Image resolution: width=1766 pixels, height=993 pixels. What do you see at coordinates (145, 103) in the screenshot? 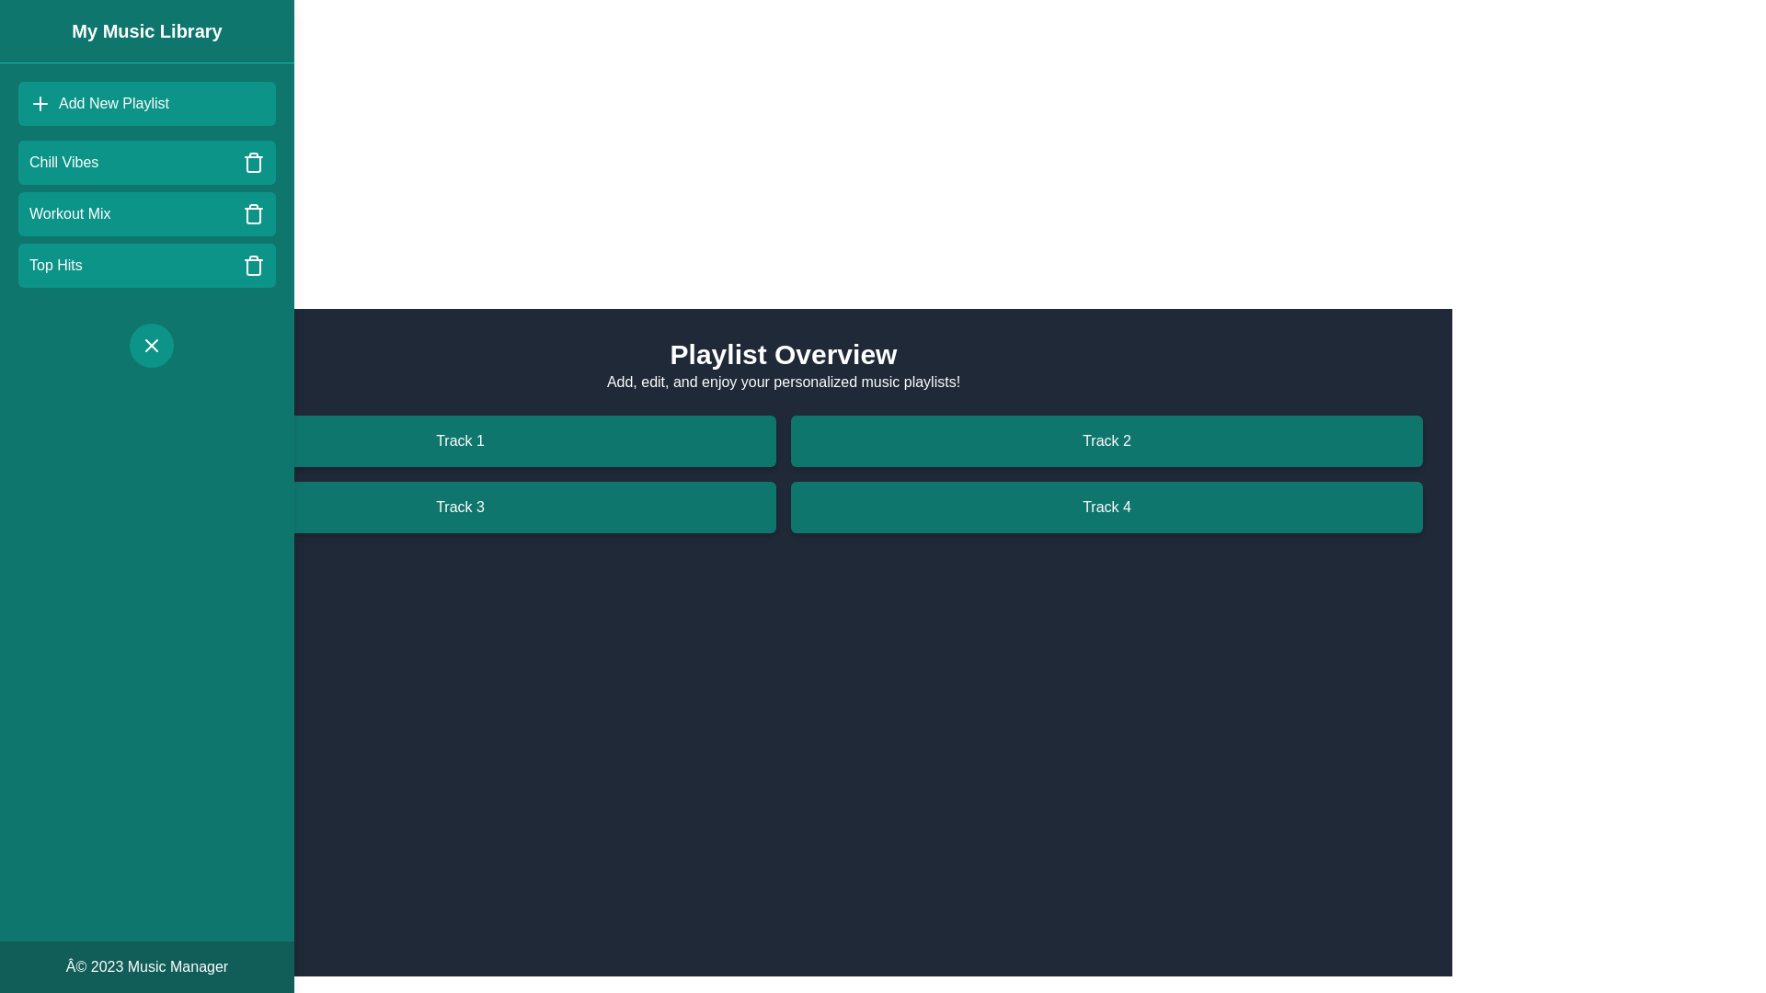
I see `the button at the top of the vertical list in the left sidebar` at bounding box center [145, 103].